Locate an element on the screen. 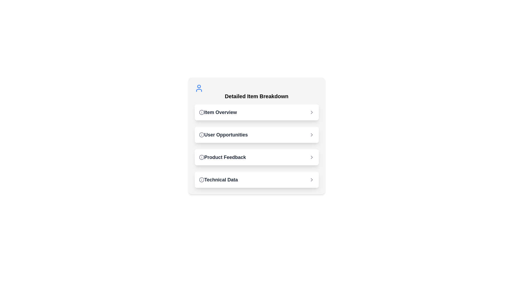  the decorative circular icon element located to the left of the 'Item Overview' text in the list of items to recognize it as part of the icon is located at coordinates (201, 112).